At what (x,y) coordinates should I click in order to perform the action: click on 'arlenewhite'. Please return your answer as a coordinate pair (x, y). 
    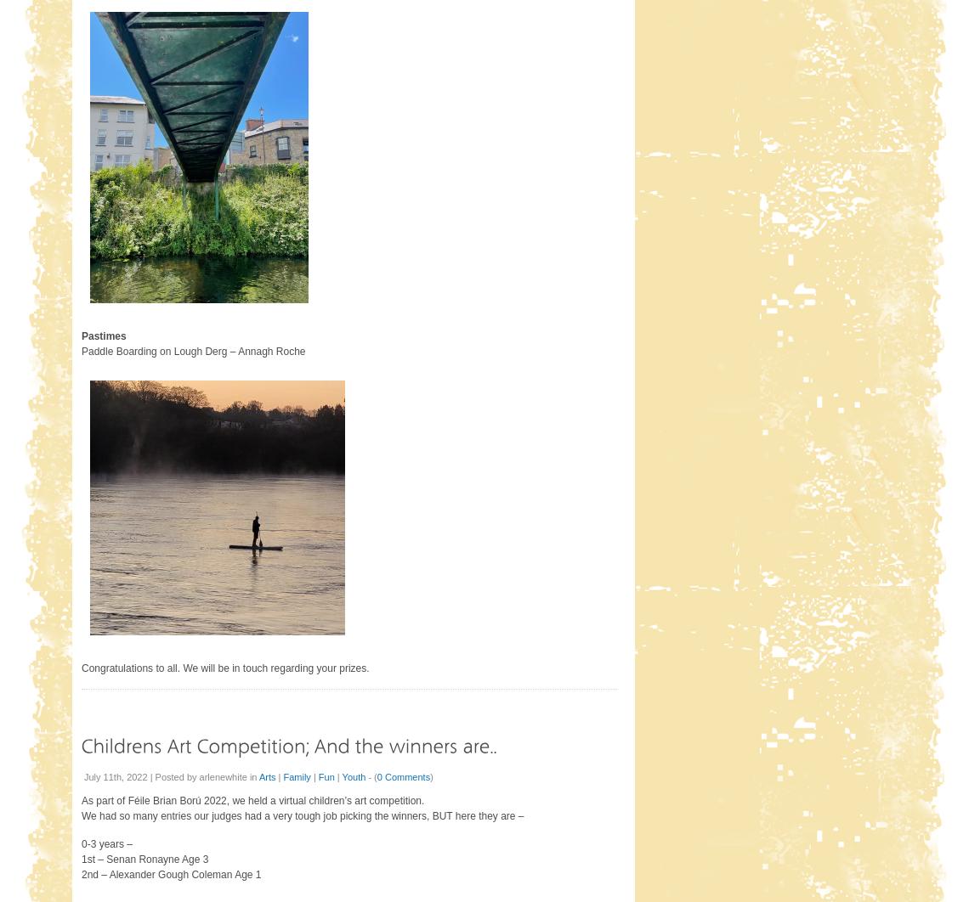
    Looking at the image, I should click on (221, 775).